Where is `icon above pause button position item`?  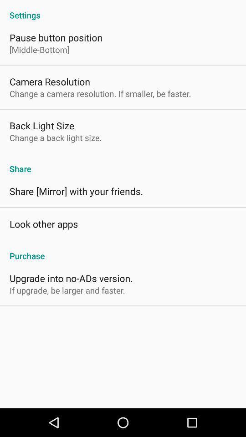 icon above pause button position item is located at coordinates (123, 10).